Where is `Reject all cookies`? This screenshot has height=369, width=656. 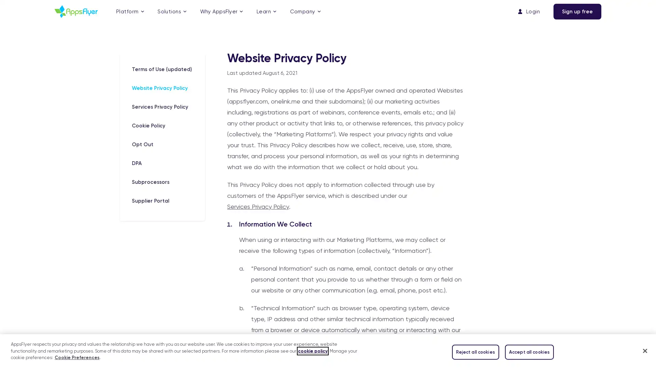
Reject all cookies is located at coordinates (475, 352).